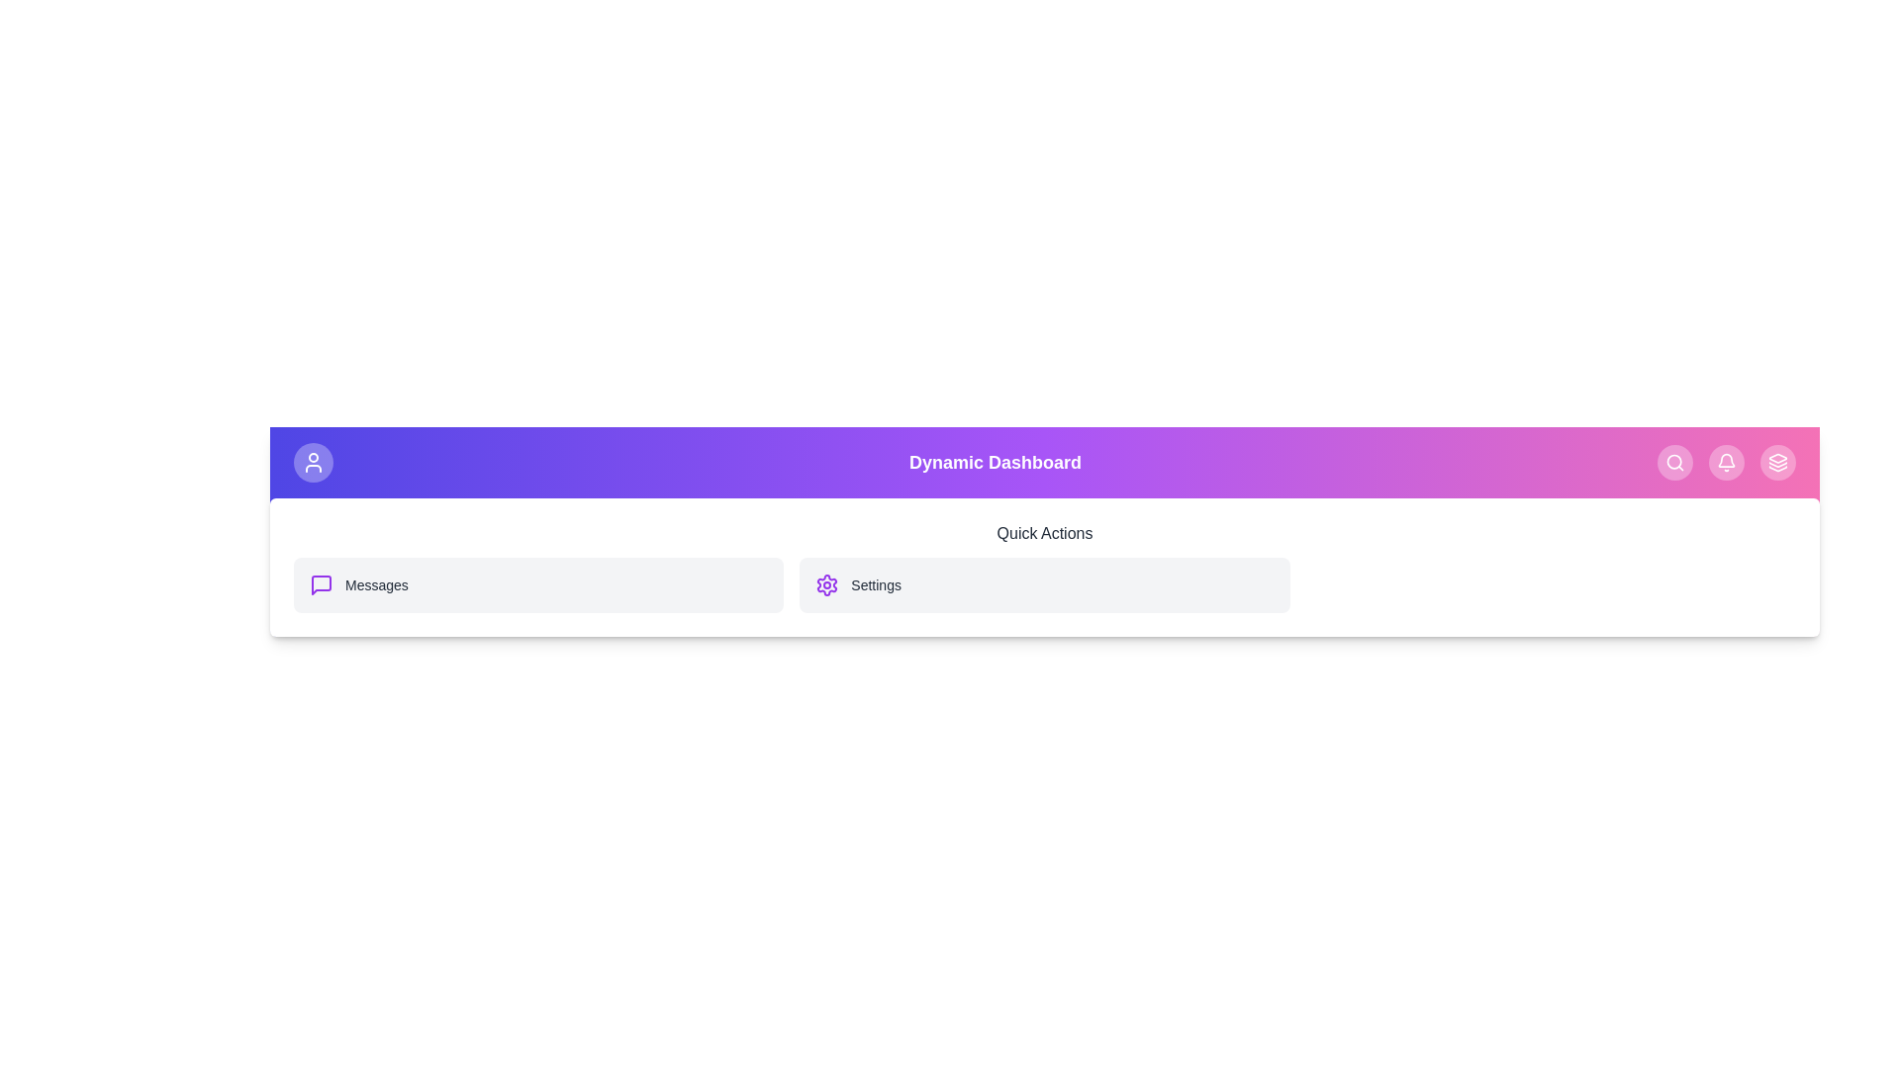 The height and width of the screenshot is (1068, 1900). I want to click on the bell icon in the top right corner, so click(1726, 462).